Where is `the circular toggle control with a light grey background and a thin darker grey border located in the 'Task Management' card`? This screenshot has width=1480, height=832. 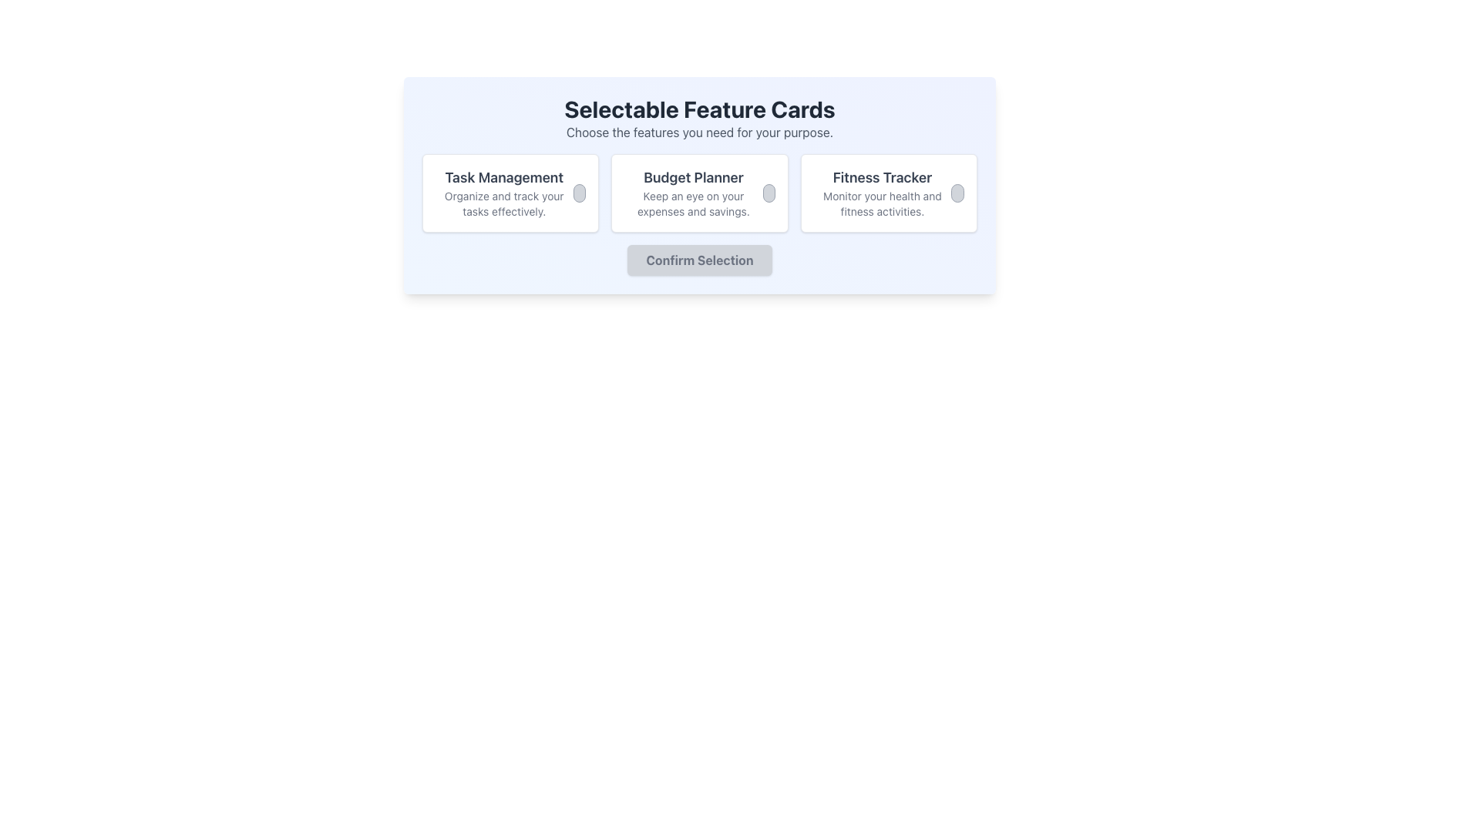 the circular toggle control with a light grey background and a thin darker grey border located in the 'Task Management' card is located at coordinates (578, 192).